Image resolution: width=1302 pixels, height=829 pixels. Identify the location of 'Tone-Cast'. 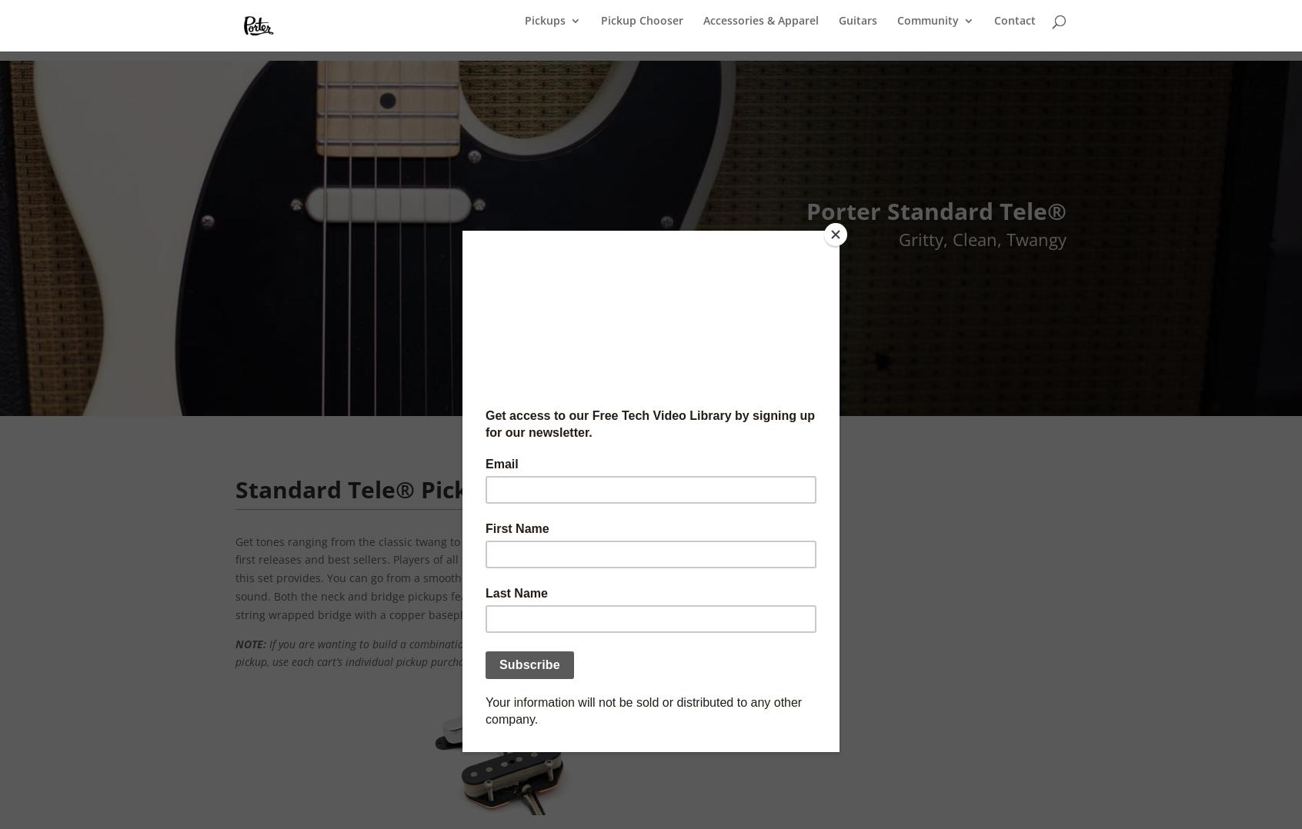
(954, 247).